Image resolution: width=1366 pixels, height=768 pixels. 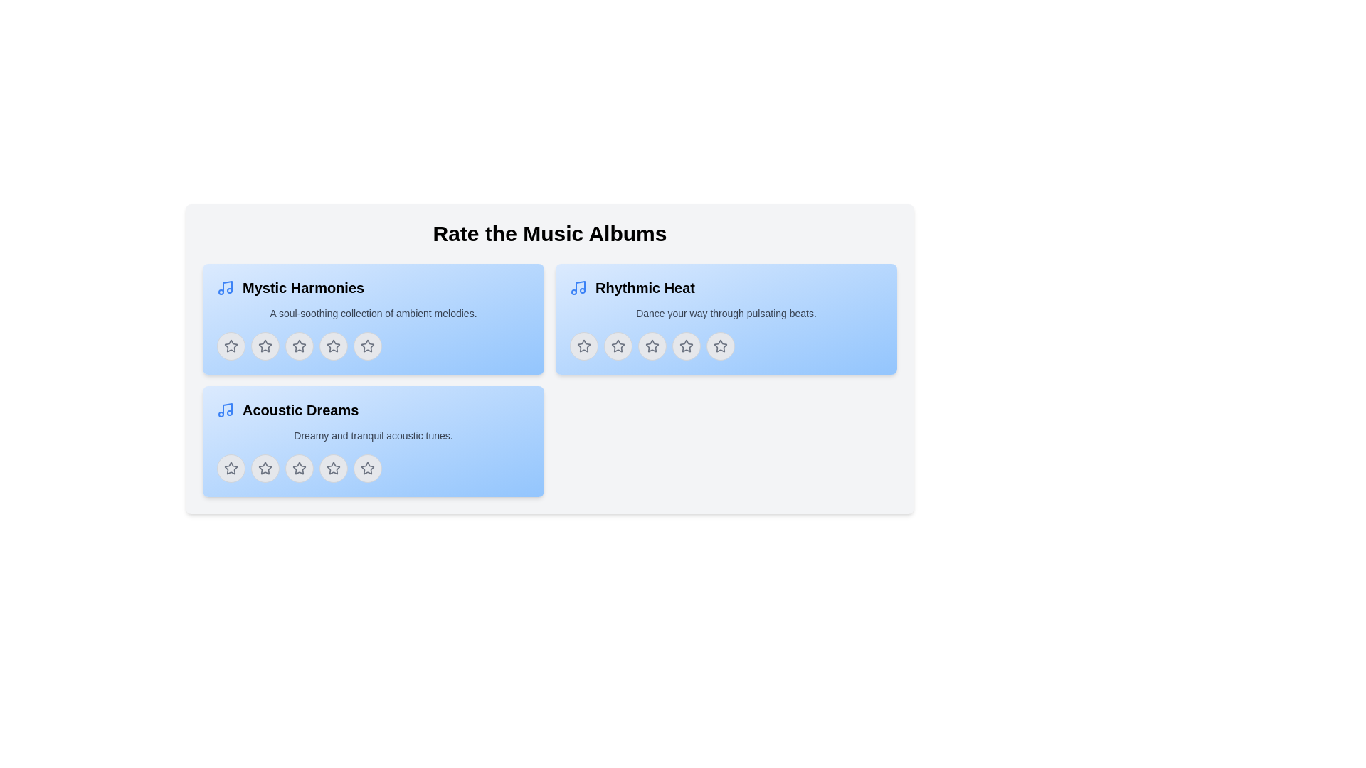 I want to click on the second star rating button below the 'Rhythmic Heat' album title, so click(x=618, y=346).